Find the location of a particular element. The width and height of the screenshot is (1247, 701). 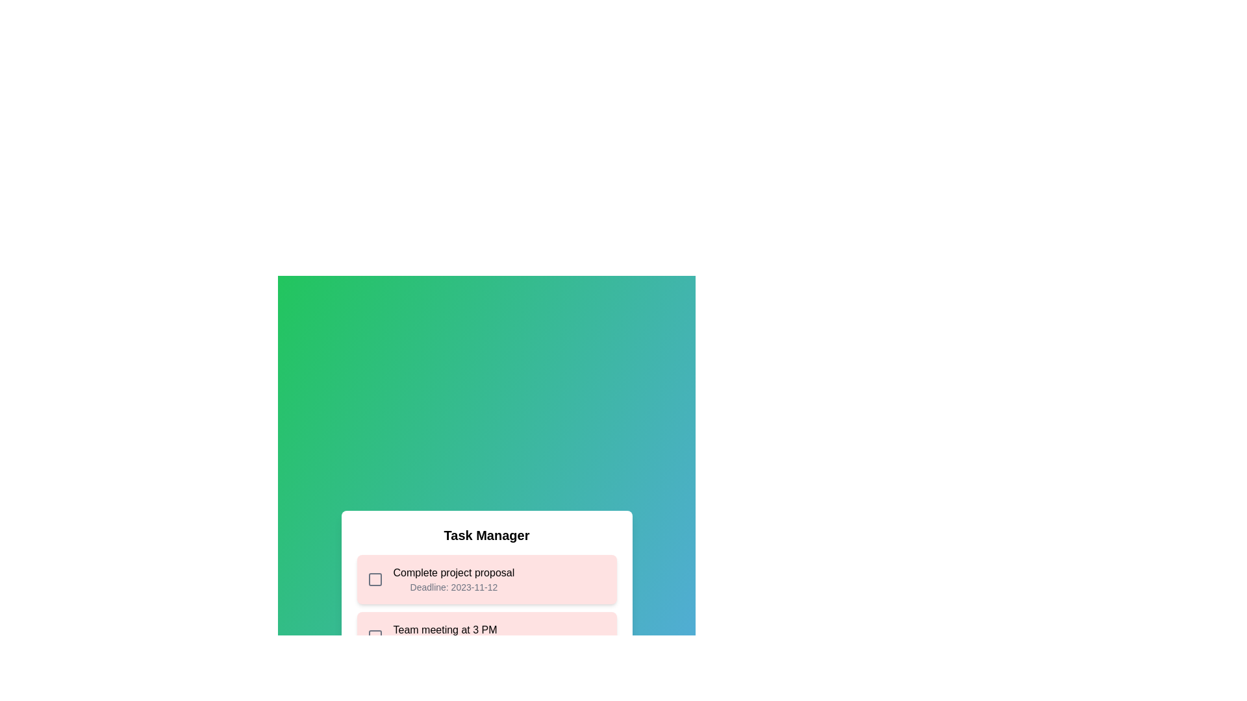

text label displaying 'Team meeting at 3 PM' which is located in the second task block of the task manager interface, positioned below the 'Complete project proposal' task and above the 'Deadline: 2023-11-13' is located at coordinates (445, 630).